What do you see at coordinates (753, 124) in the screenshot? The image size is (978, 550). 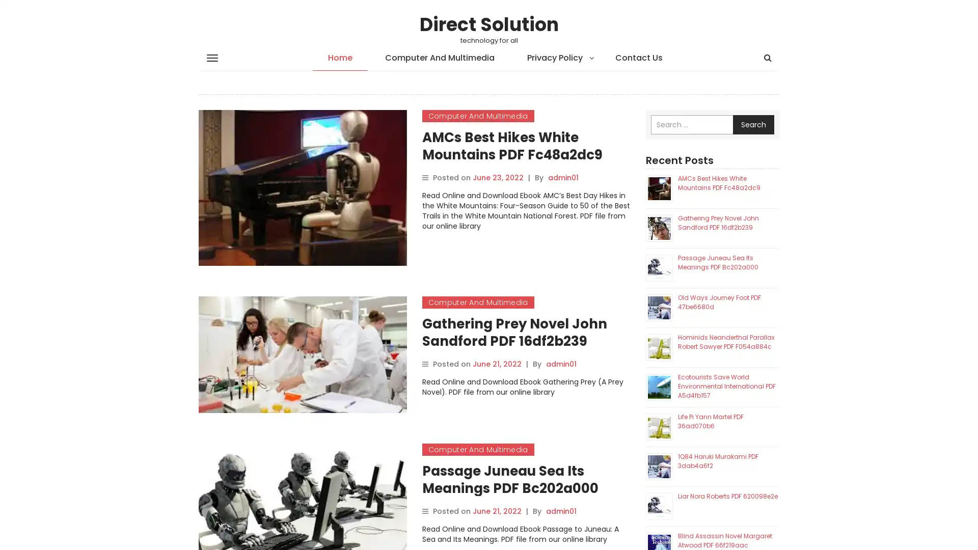 I see `Search` at bounding box center [753, 124].